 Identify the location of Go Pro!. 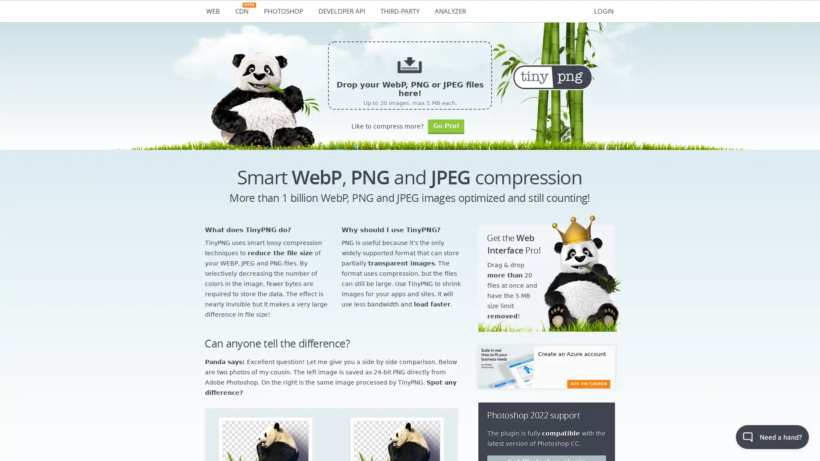
(445, 126).